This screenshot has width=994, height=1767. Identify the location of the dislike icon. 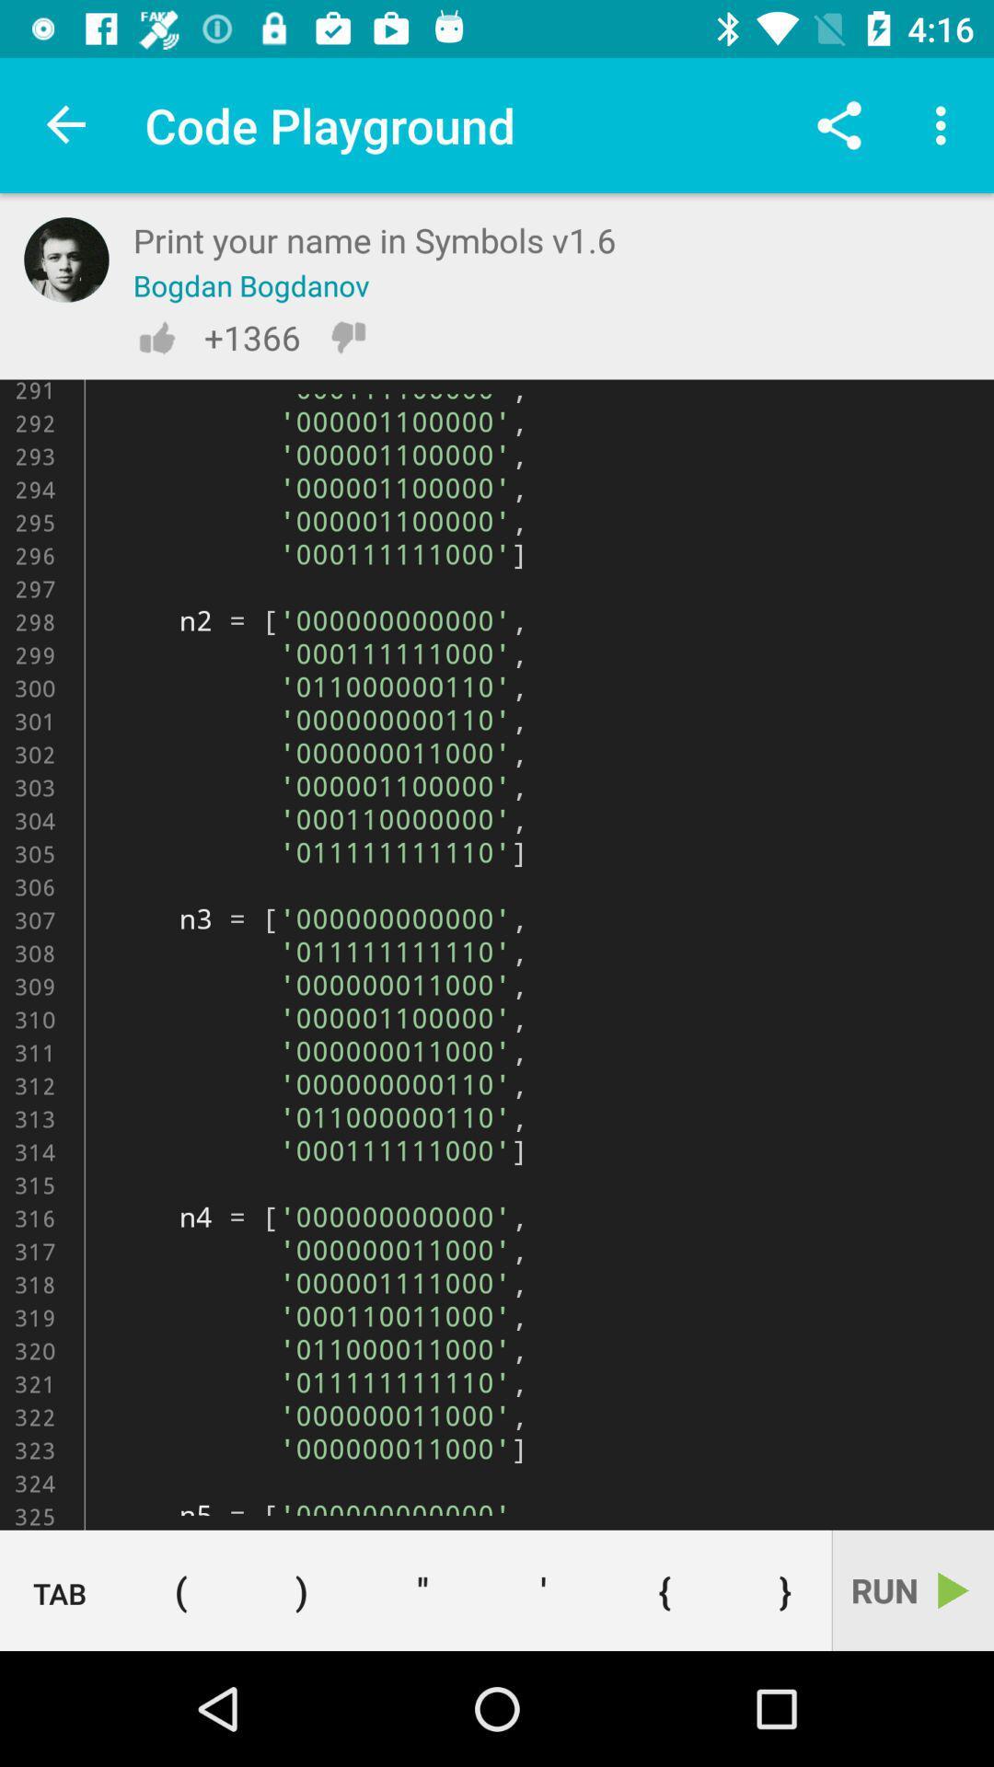
(348, 337).